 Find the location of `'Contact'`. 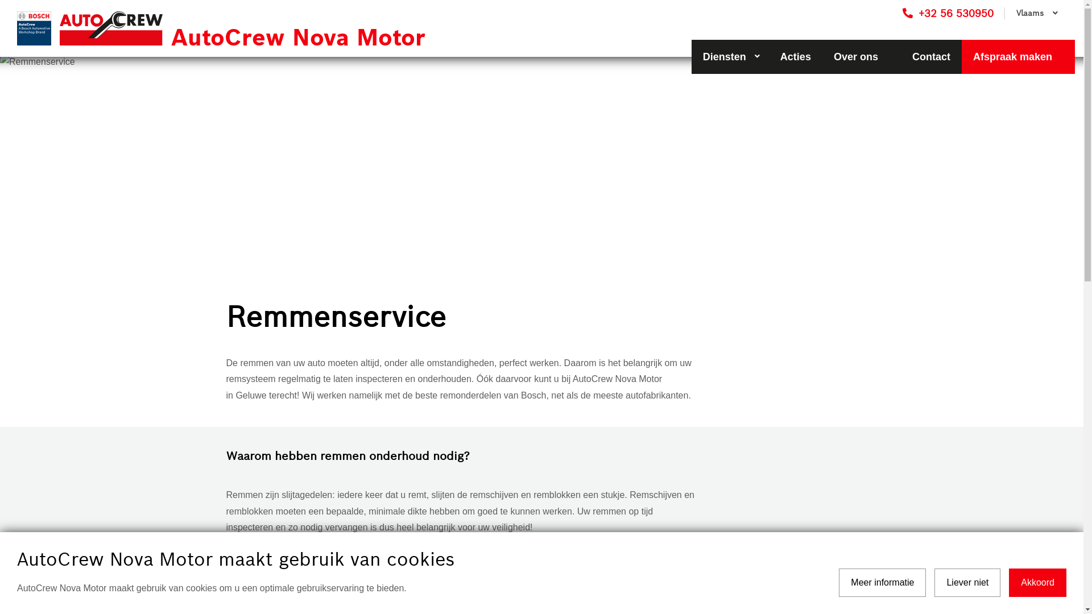

'Contact' is located at coordinates (931, 57).